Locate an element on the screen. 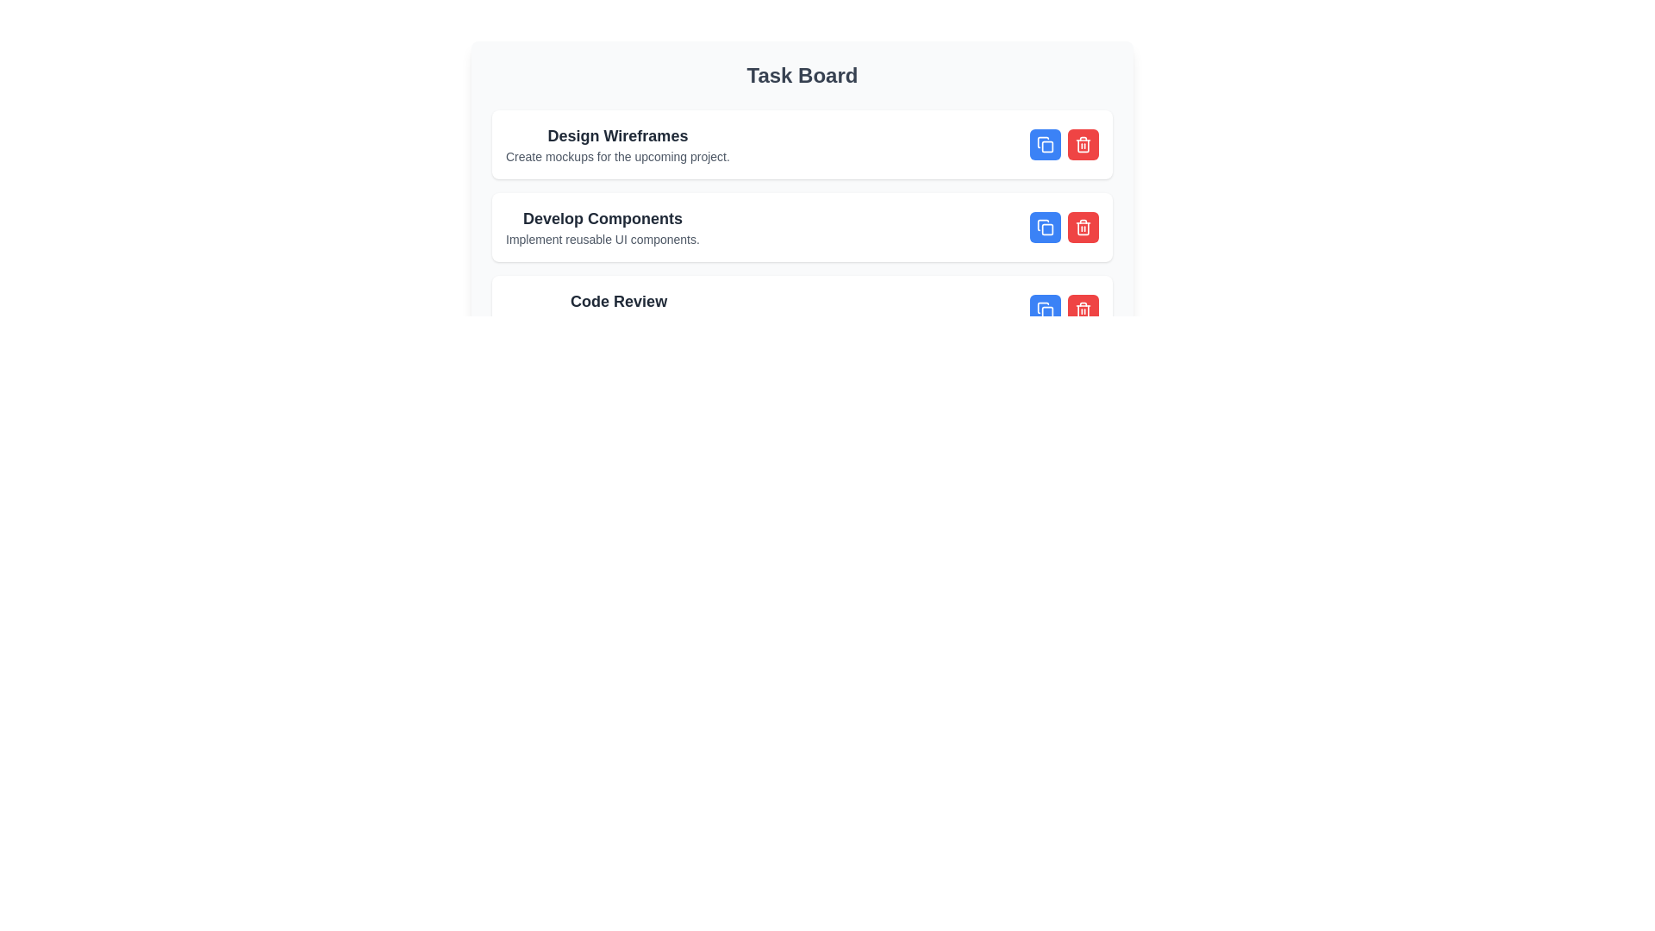 The height and width of the screenshot is (931, 1655). the delete button for the task titled 'Design Wireframes' is located at coordinates (1083, 144).